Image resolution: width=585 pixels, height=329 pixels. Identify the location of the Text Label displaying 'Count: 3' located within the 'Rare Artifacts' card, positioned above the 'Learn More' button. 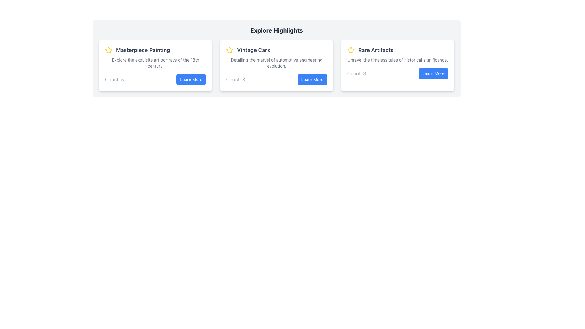
(356, 73).